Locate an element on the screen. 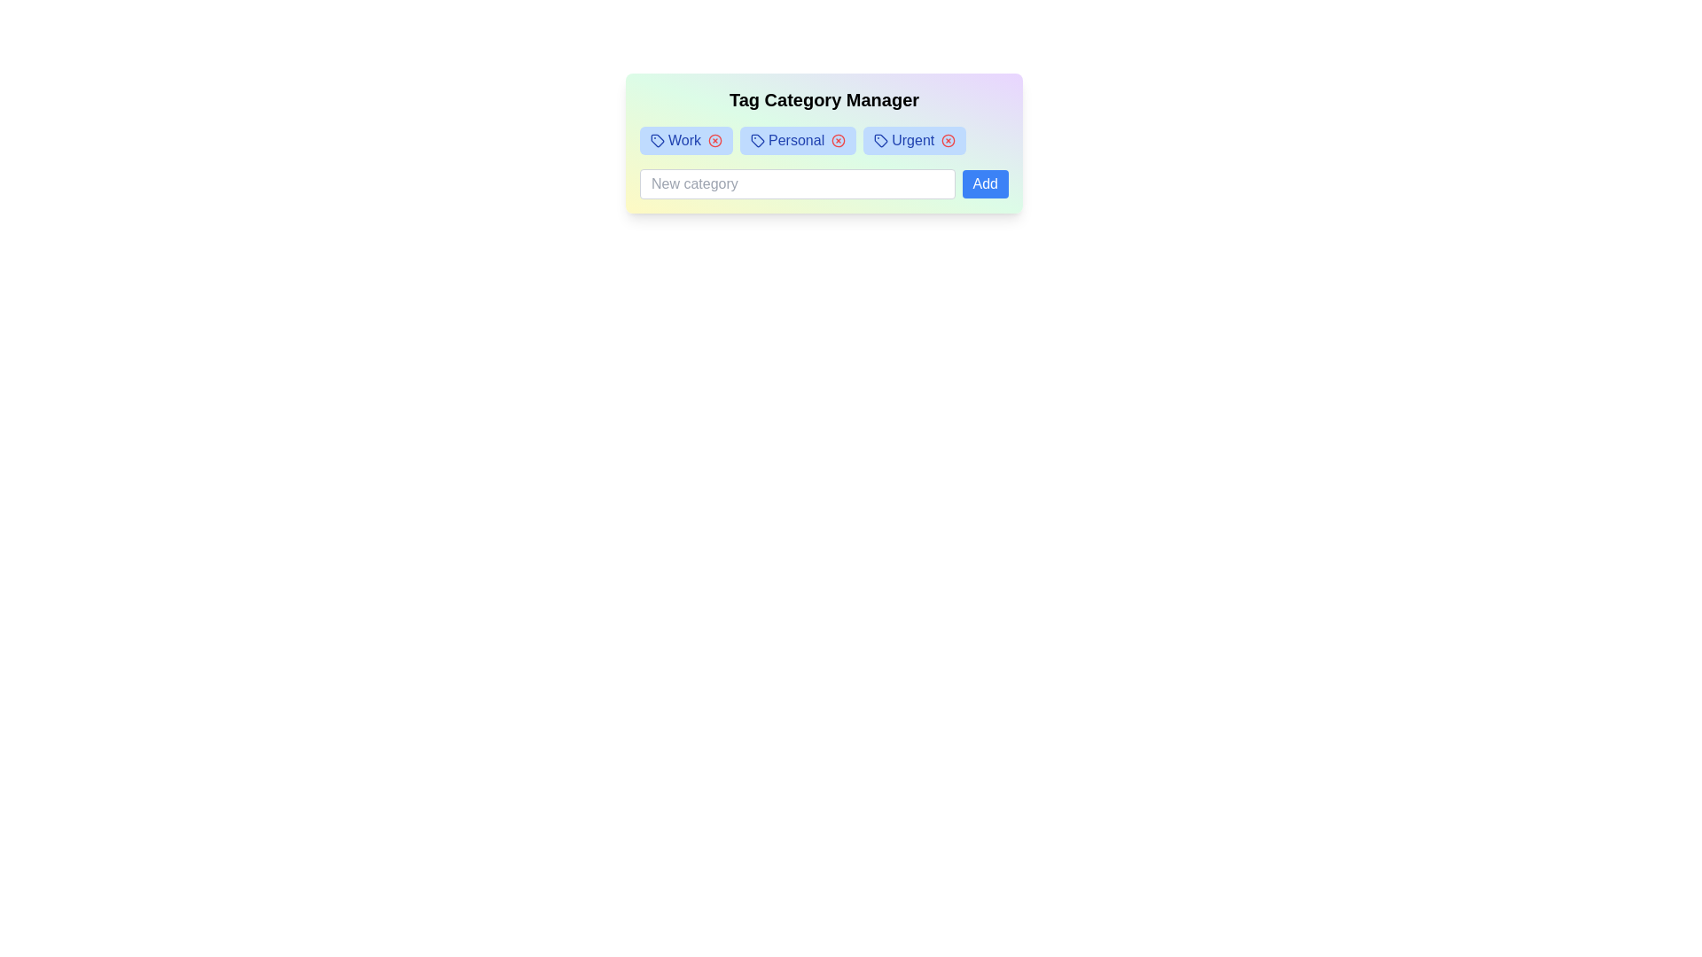  the second interactive icon button in the 'Work' tag group is located at coordinates (714, 139).